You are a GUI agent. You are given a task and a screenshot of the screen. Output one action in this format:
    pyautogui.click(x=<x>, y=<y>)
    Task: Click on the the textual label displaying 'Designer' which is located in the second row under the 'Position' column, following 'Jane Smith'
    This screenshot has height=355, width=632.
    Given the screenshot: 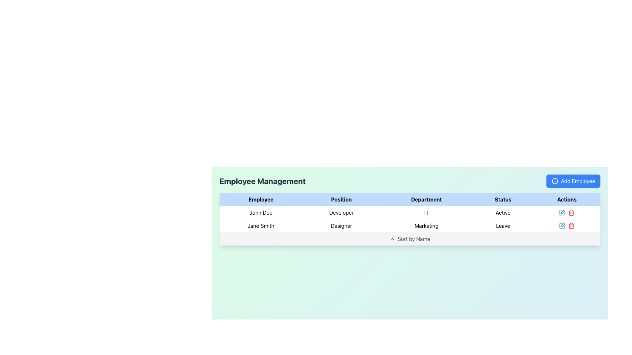 What is the action you would take?
    pyautogui.click(x=341, y=225)
    